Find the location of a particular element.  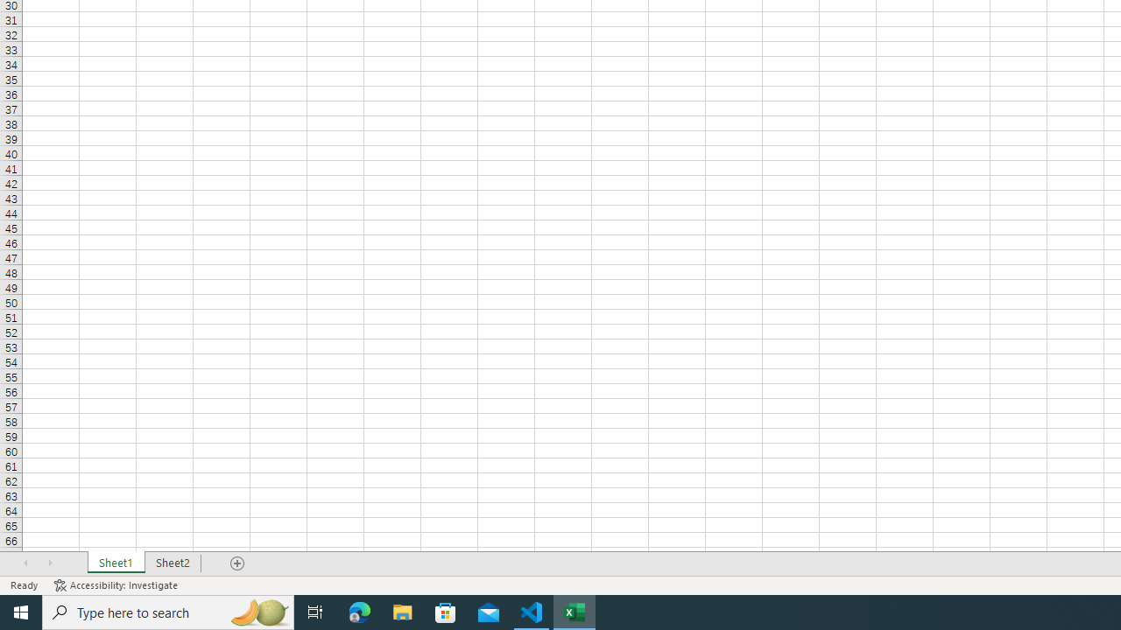

'Accessibility Checker Accessibility: Investigate' is located at coordinates (116, 585).